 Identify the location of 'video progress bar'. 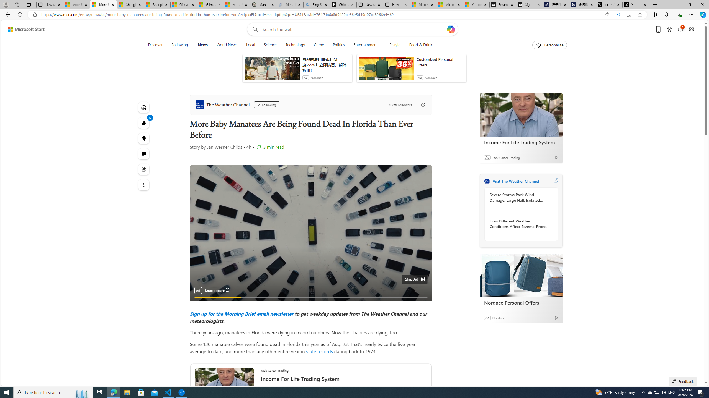
(310, 297).